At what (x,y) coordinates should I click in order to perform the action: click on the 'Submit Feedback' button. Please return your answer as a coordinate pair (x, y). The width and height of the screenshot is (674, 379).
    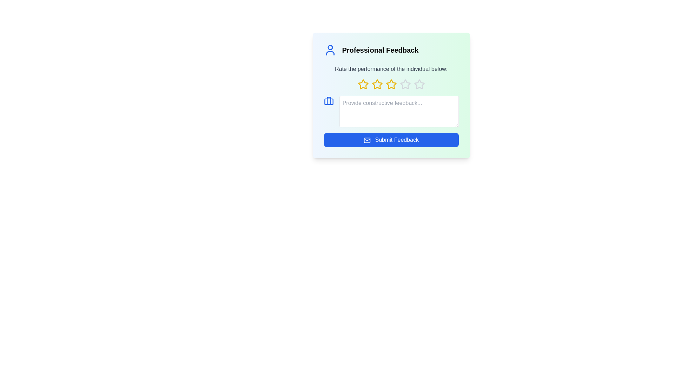
    Looking at the image, I should click on (391, 140).